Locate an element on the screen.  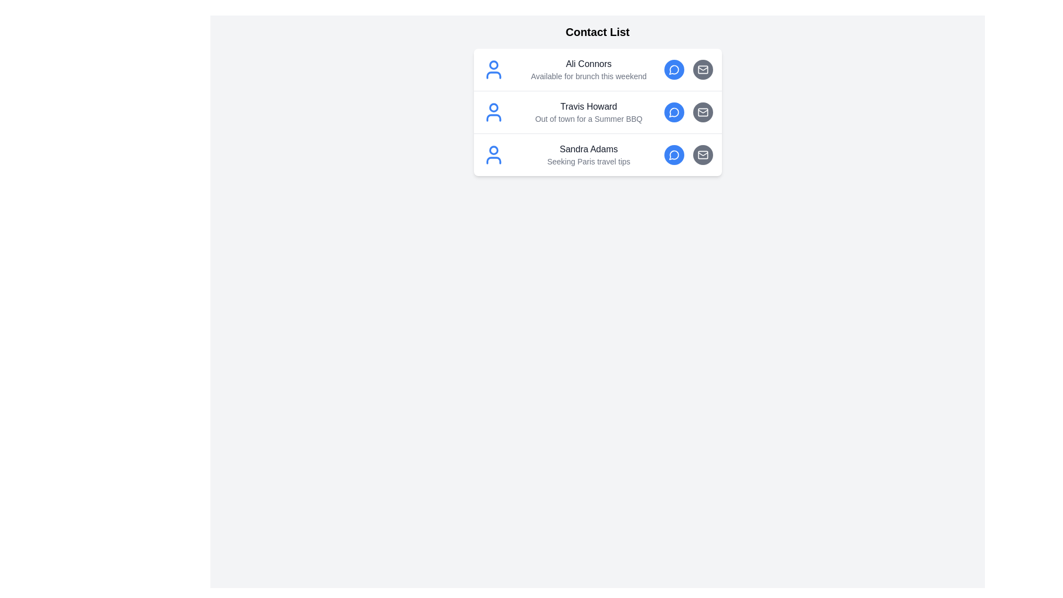
the circular icon button with a speech bubble design, filled with blue color, located as the second interactive icon in the 'Sandra Adams' contact entry row is located at coordinates (673, 155).